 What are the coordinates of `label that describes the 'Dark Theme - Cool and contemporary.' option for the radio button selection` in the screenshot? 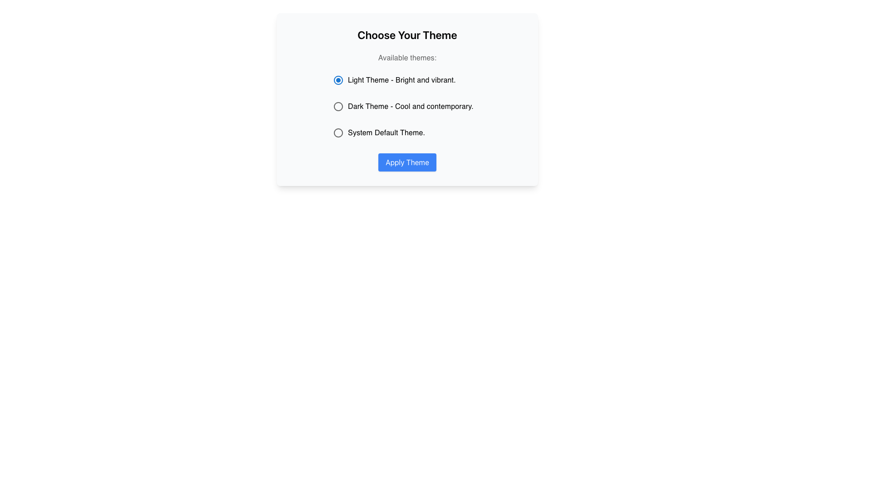 It's located at (410, 106).